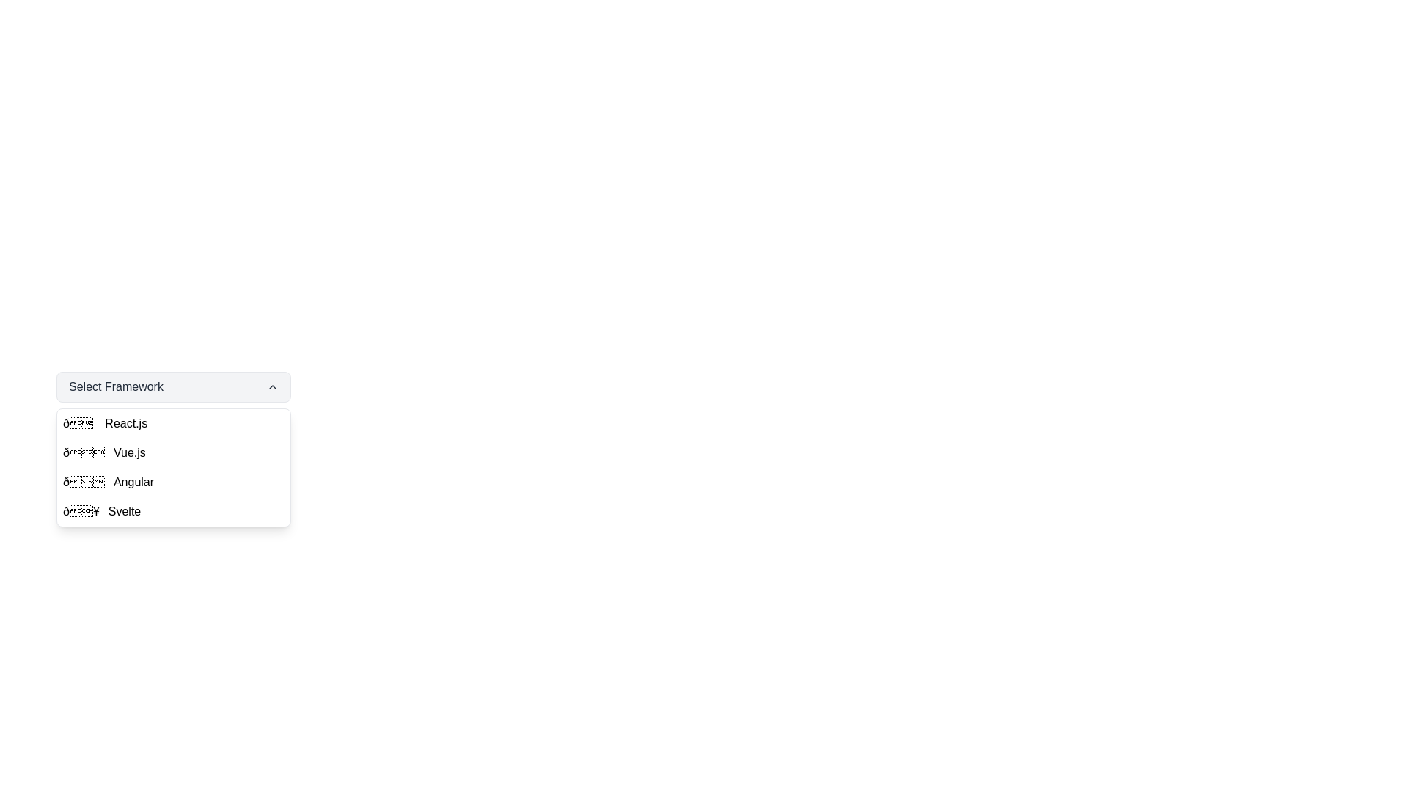 The width and height of the screenshot is (1408, 792). Describe the element at coordinates (80, 511) in the screenshot. I see `the fire emoji '🔥' that is part of the dropdown menu option labeled 'Svelte', positioned on the left side of the text` at that location.